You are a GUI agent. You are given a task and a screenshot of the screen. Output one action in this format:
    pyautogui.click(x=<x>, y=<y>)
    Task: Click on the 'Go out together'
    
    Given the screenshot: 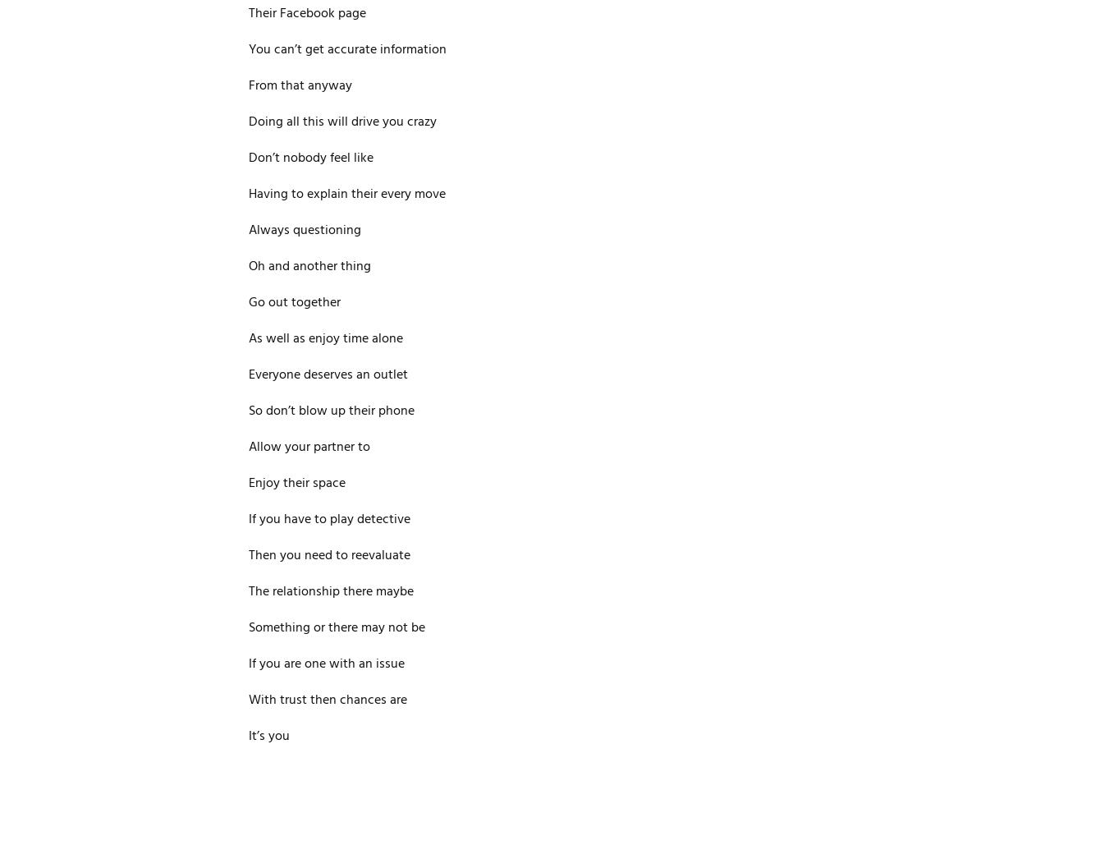 What is the action you would take?
    pyautogui.click(x=294, y=303)
    